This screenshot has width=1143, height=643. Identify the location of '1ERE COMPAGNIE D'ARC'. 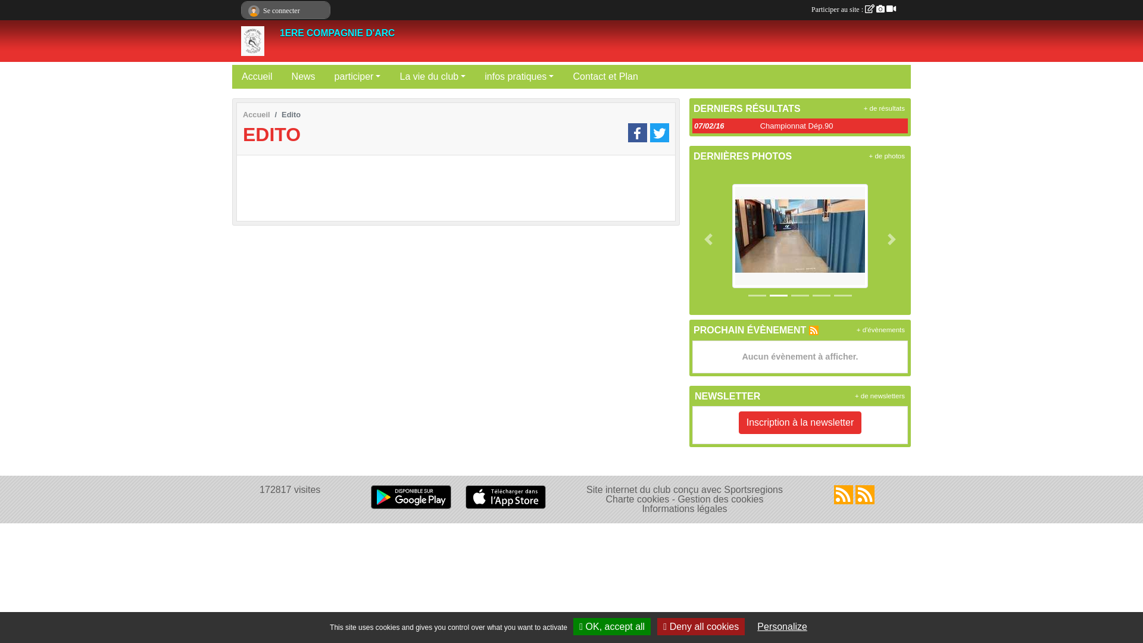
(279, 32).